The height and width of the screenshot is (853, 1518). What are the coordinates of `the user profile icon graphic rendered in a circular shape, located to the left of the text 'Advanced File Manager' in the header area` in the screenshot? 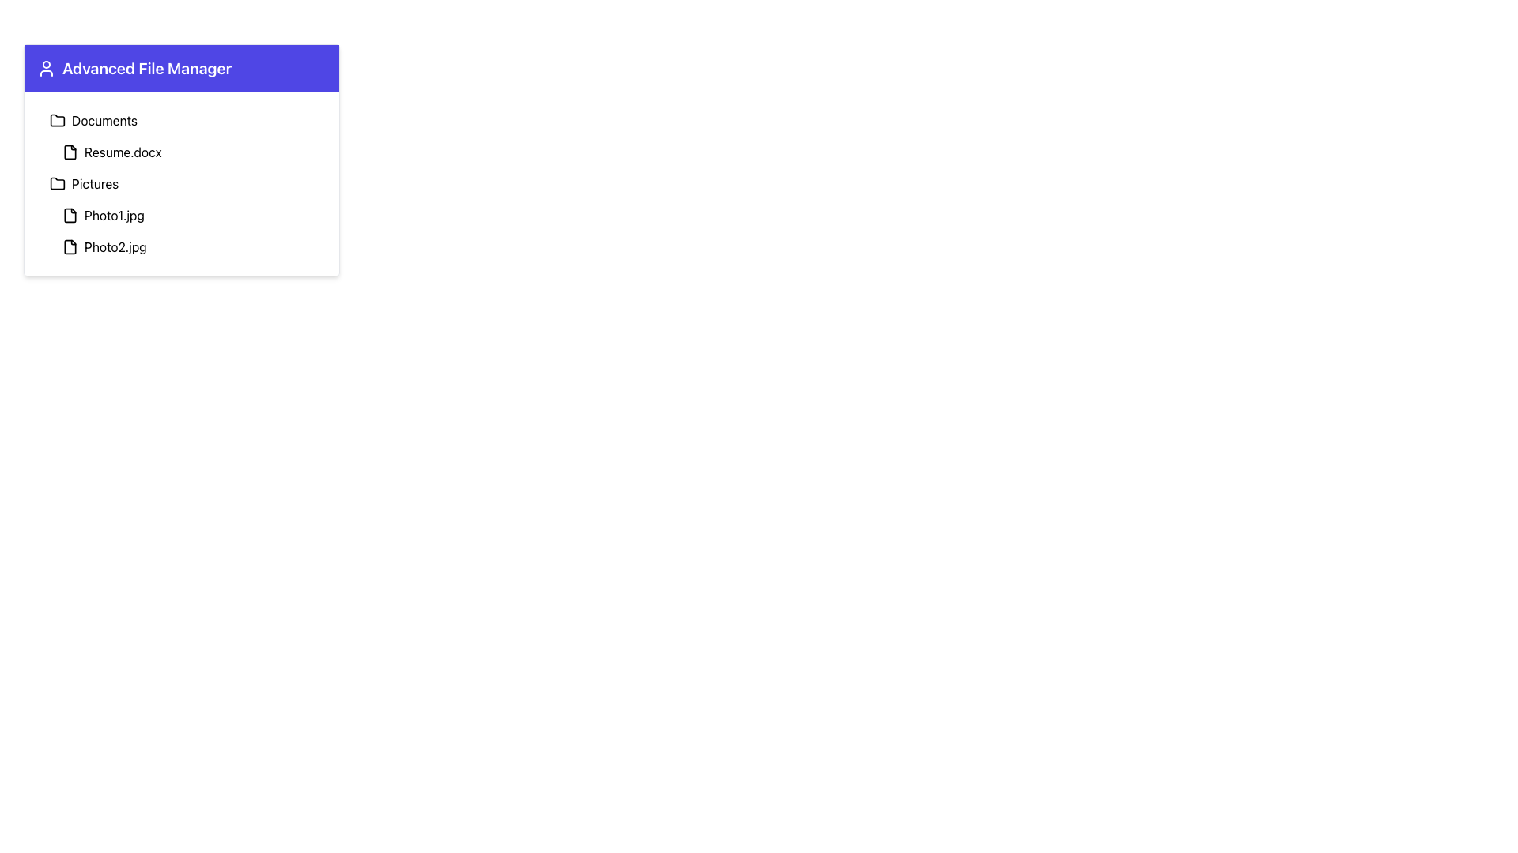 It's located at (46, 68).